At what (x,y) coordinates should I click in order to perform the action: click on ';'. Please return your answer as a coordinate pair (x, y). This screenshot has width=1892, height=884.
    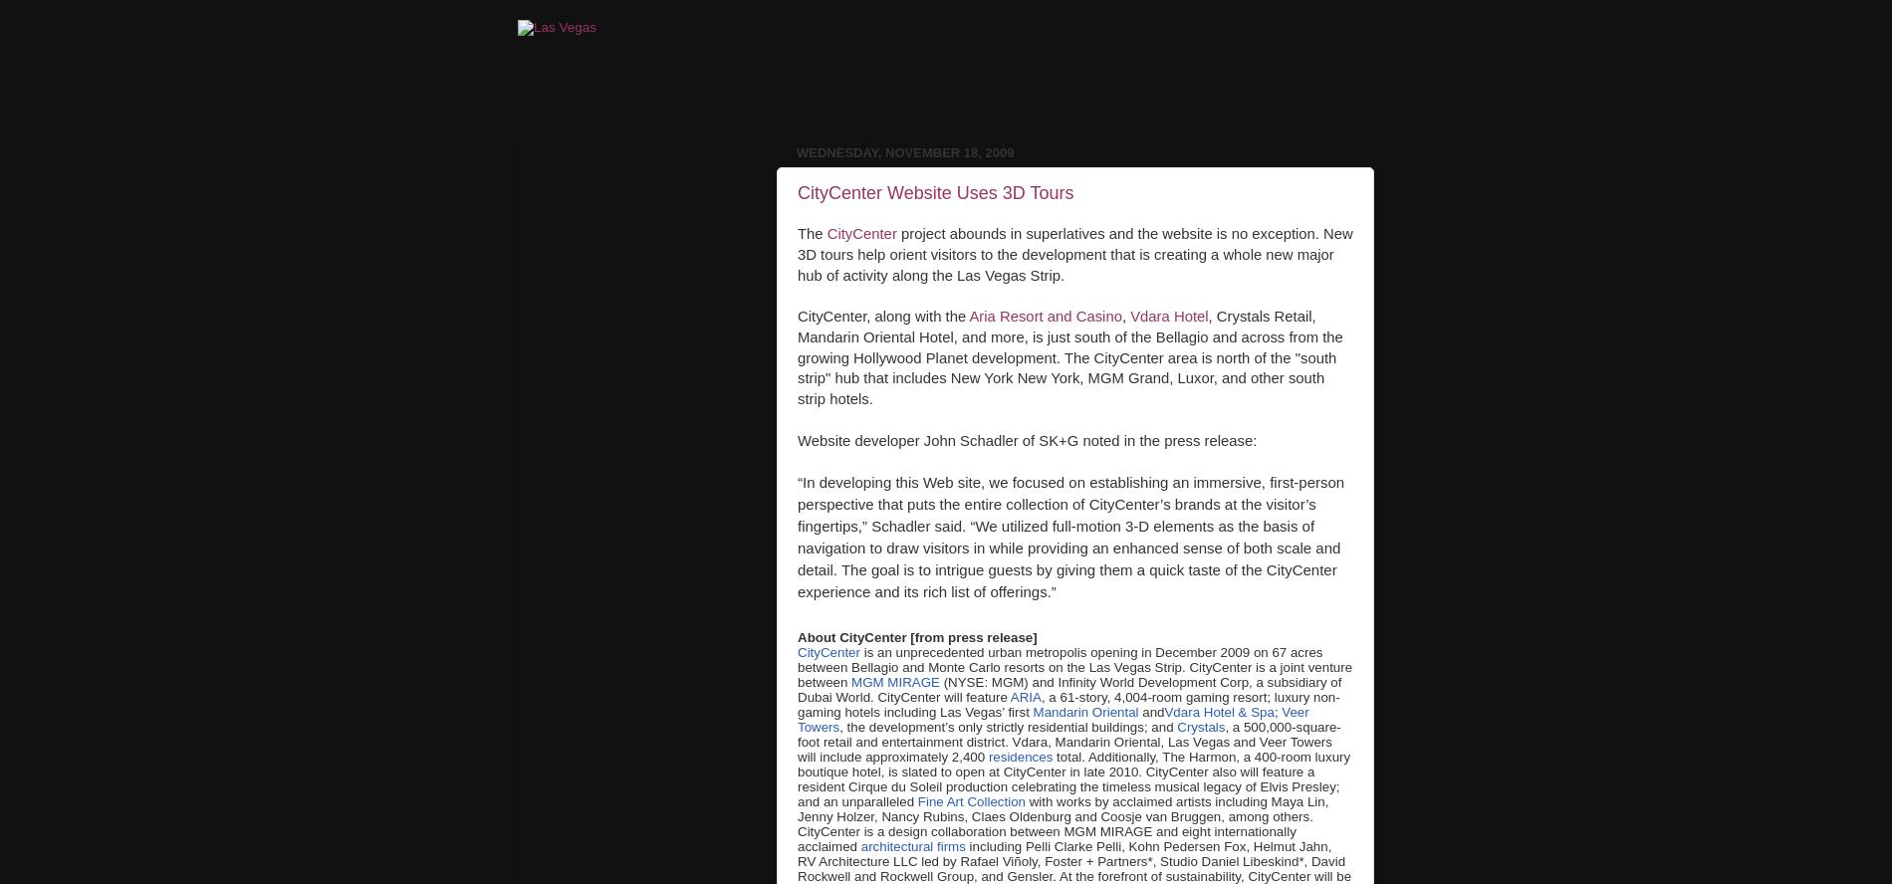
    Looking at the image, I should click on (1277, 712).